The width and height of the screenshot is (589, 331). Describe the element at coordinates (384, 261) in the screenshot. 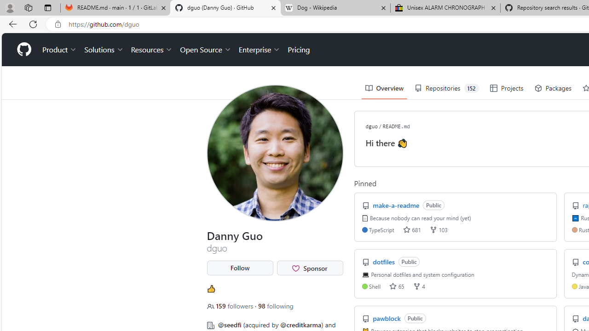

I see `'dotfiles'` at that location.